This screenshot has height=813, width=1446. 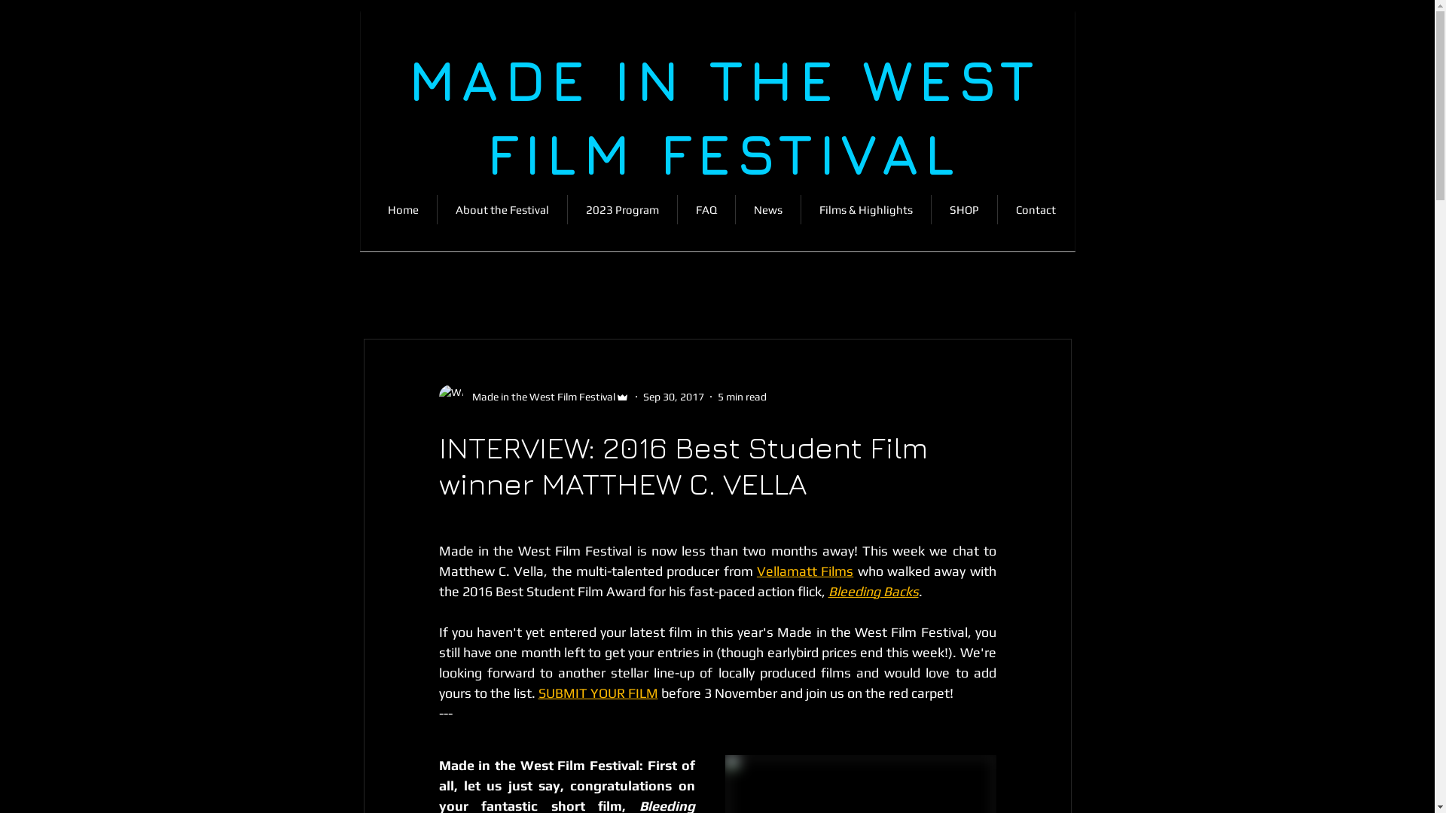 What do you see at coordinates (368, 209) in the screenshot?
I see `'Home'` at bounding box center [368, 209].